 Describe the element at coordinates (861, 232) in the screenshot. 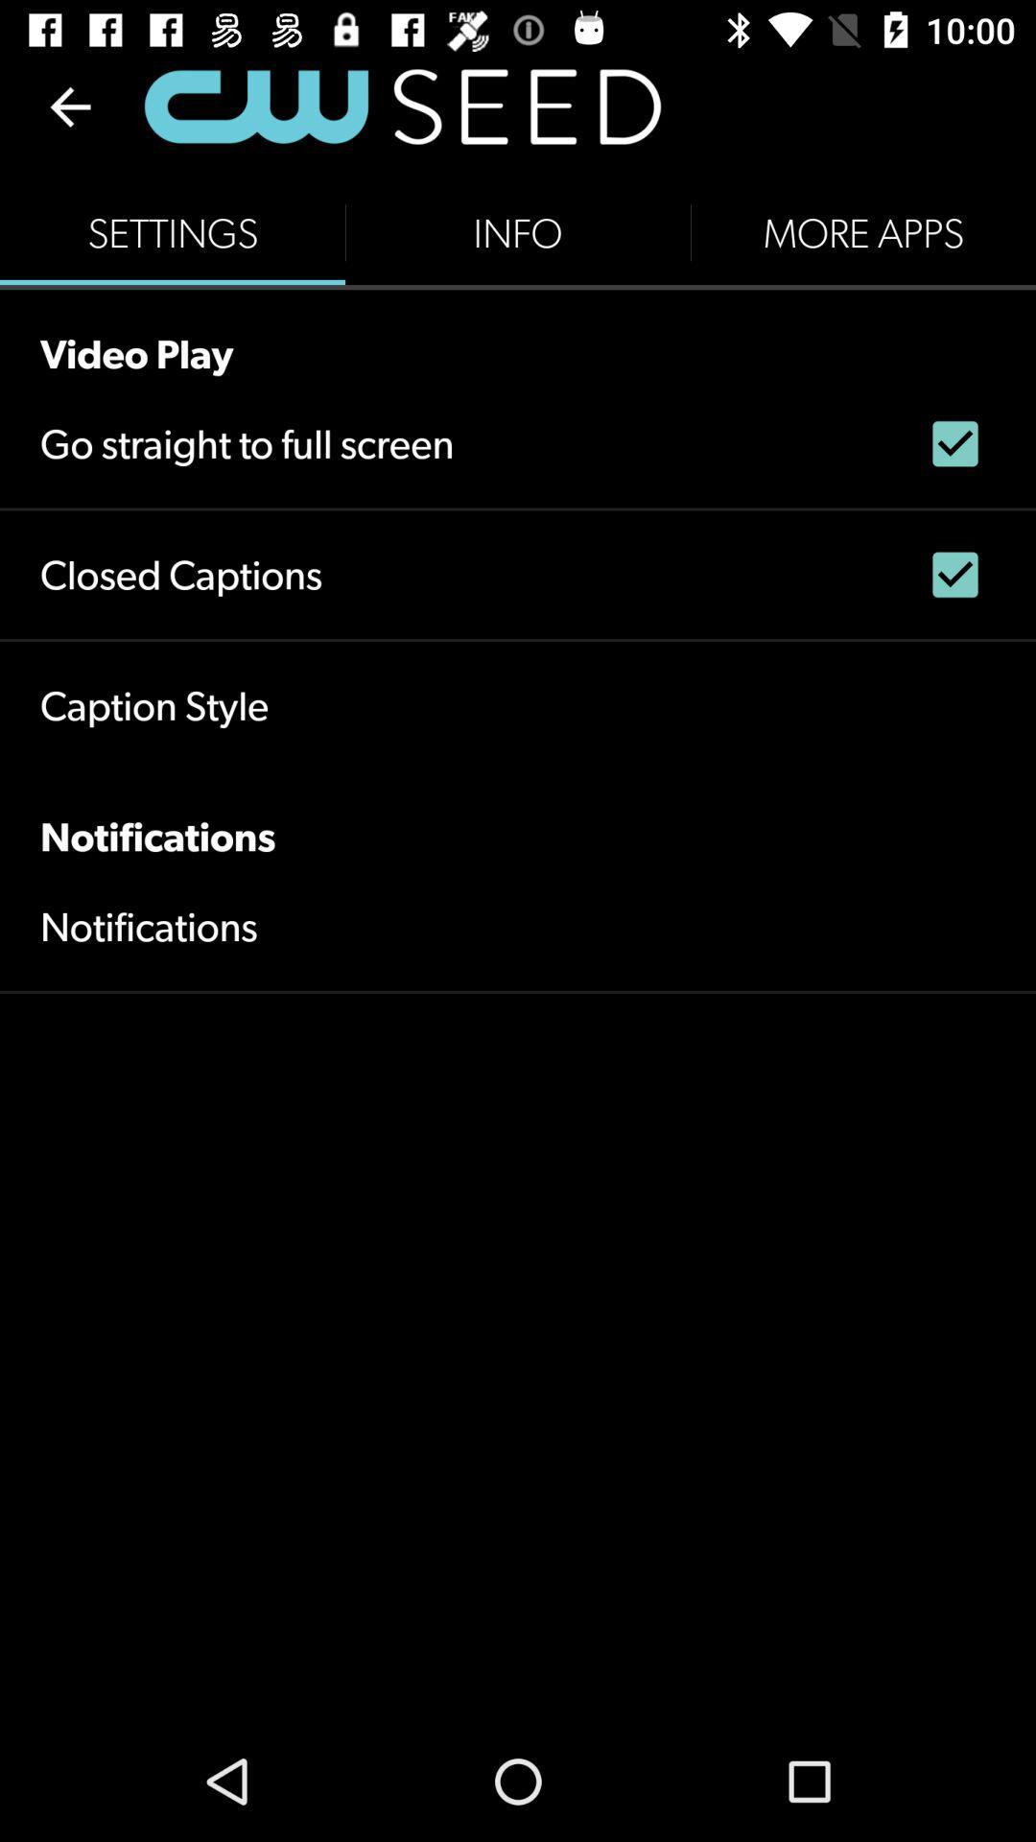

I see `the button beside info` at that location.